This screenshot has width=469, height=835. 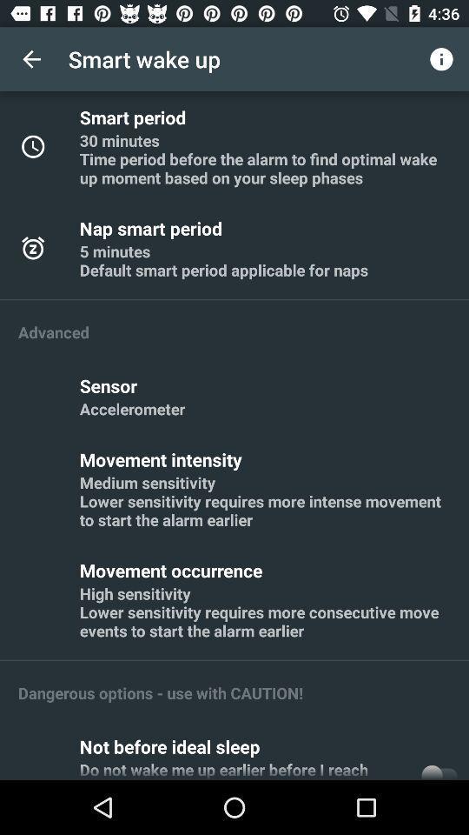 I want to click on icon next to the do not wake item, so click(x=438, y=768).